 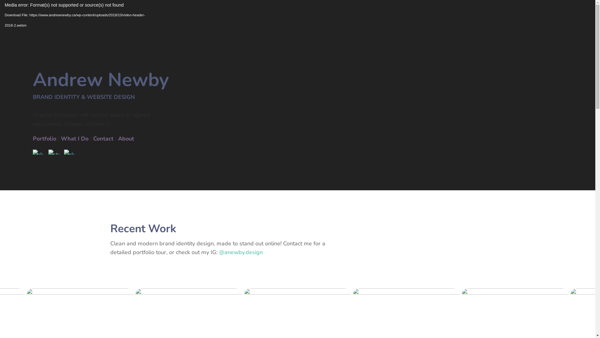 What do you see at coordinates (38, 152) in the screenshot?
I see `'LinkedIn'` at bounding box center [38, 152].